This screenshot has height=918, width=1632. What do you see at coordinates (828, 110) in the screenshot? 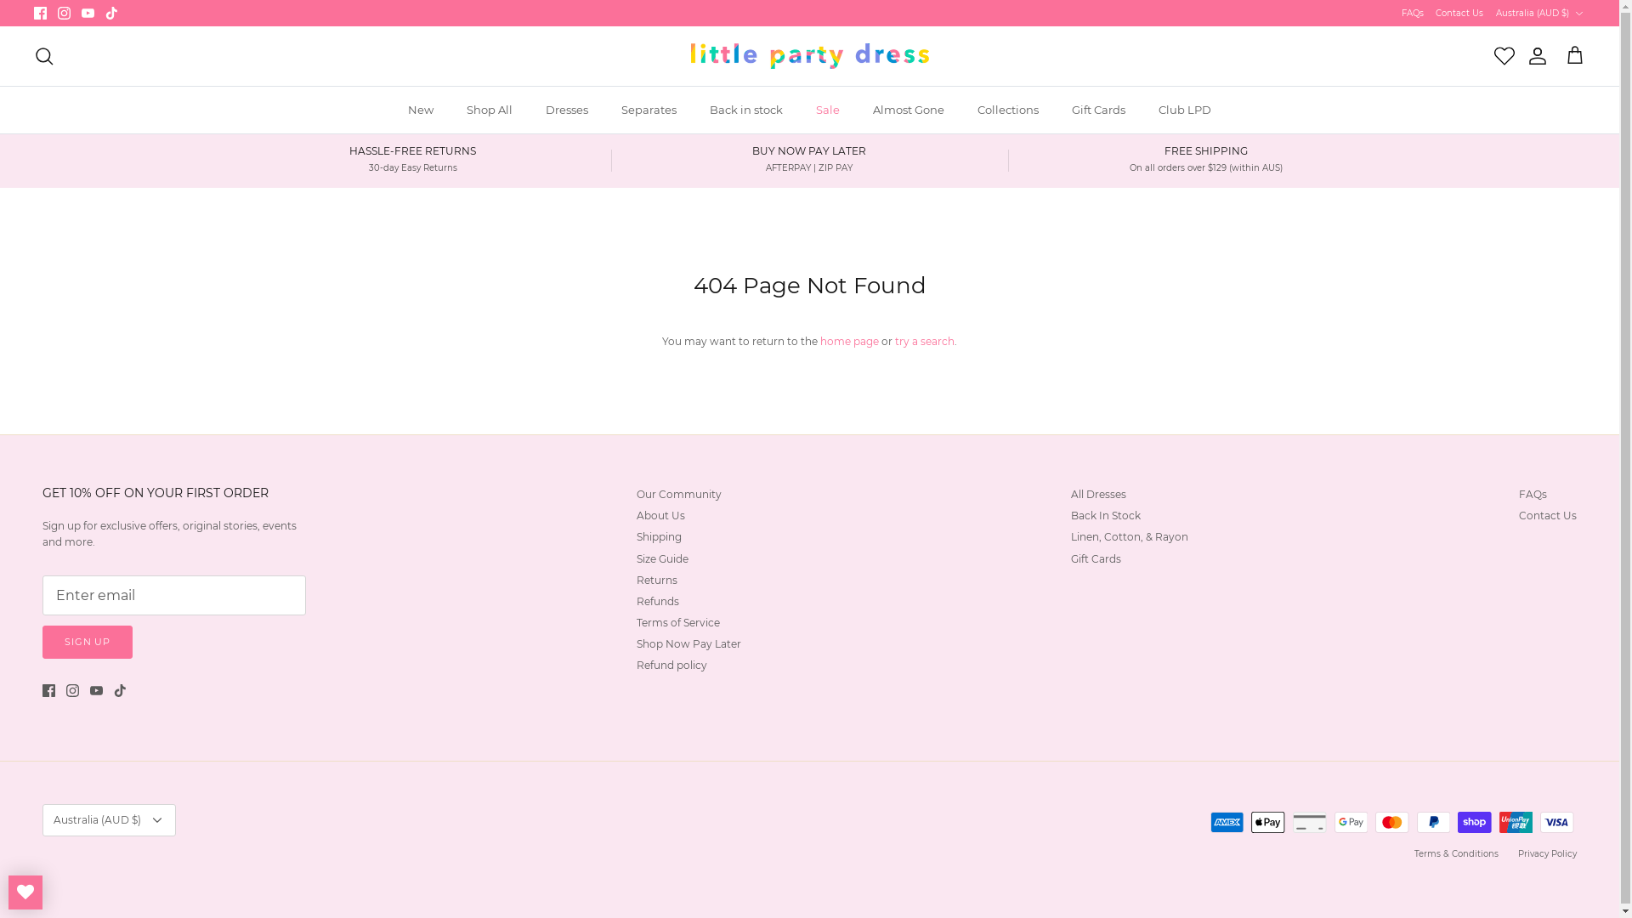
I see `'Sale'` at bounding box center [828, 110].